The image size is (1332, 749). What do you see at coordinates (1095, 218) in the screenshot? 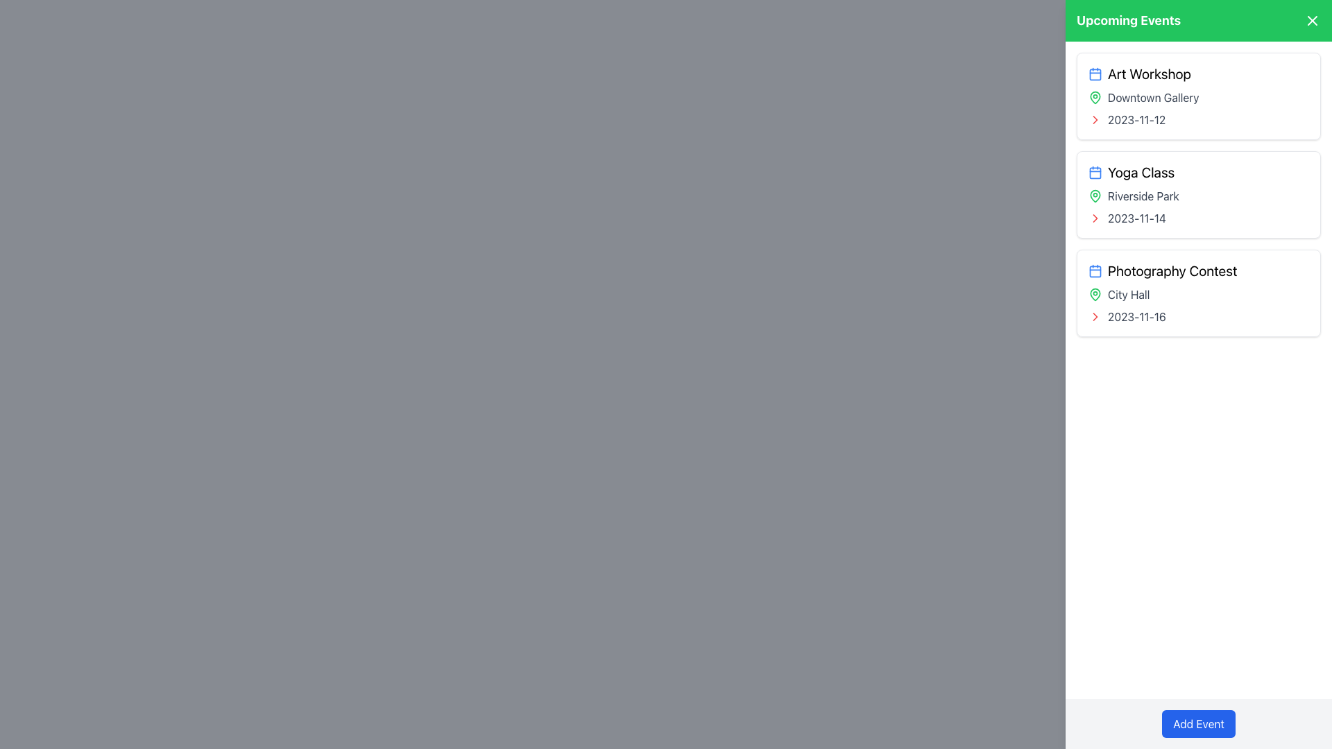
I see `the chevron icon for the 'Yoga Class' event scheduled for '2023-11-14', positioned to the left of the date text` at bounding box center [1095, 218].